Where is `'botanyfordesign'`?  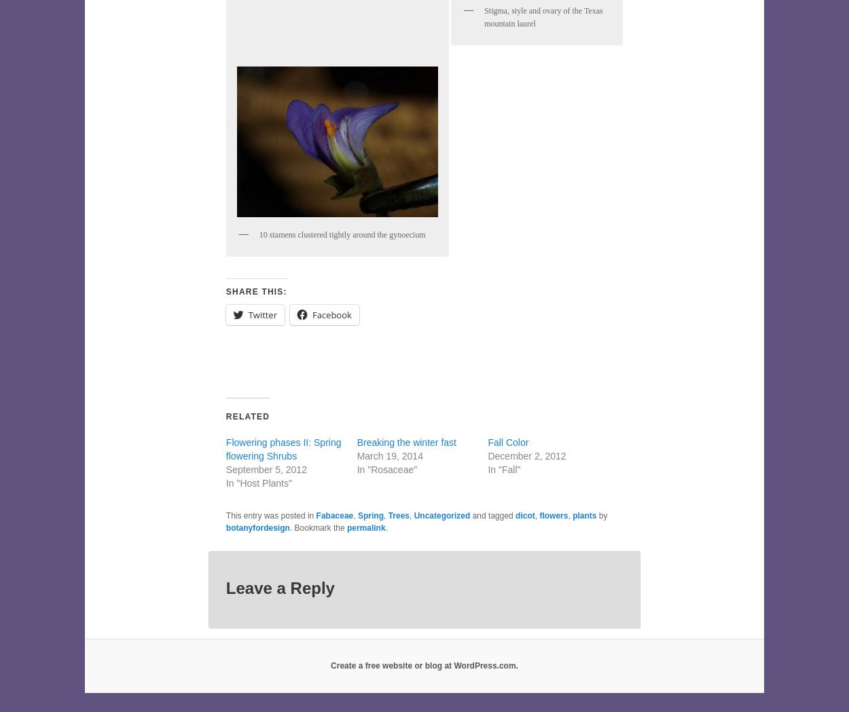
'botanyfordesign' is located at coordinates (257, 528).